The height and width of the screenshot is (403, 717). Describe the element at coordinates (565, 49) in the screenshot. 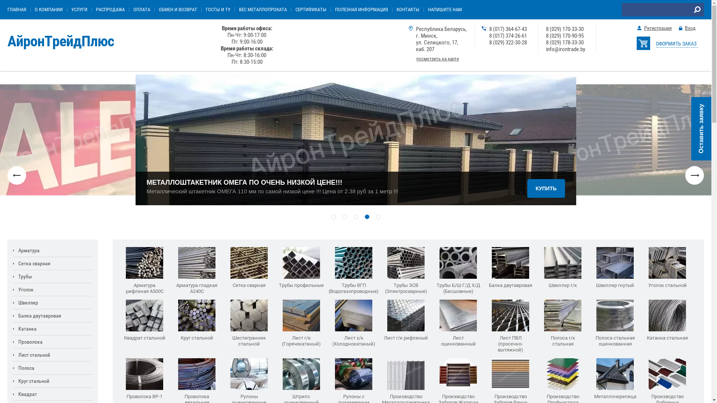

I see `'info@irontrade.by'` at that location.